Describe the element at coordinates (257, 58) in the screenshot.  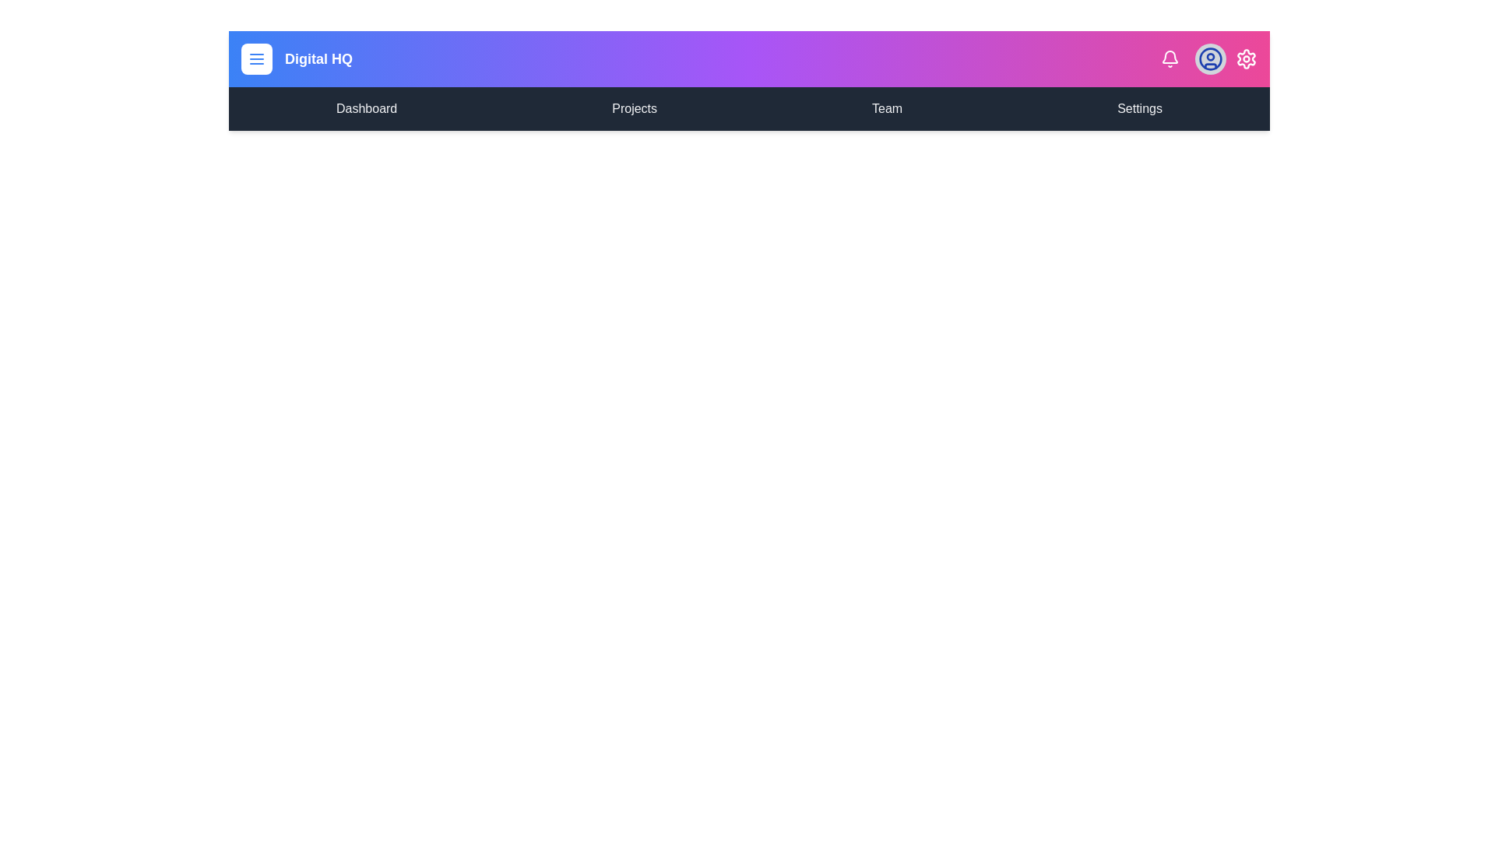
I see `the menu button to toggle the menu` at that location.